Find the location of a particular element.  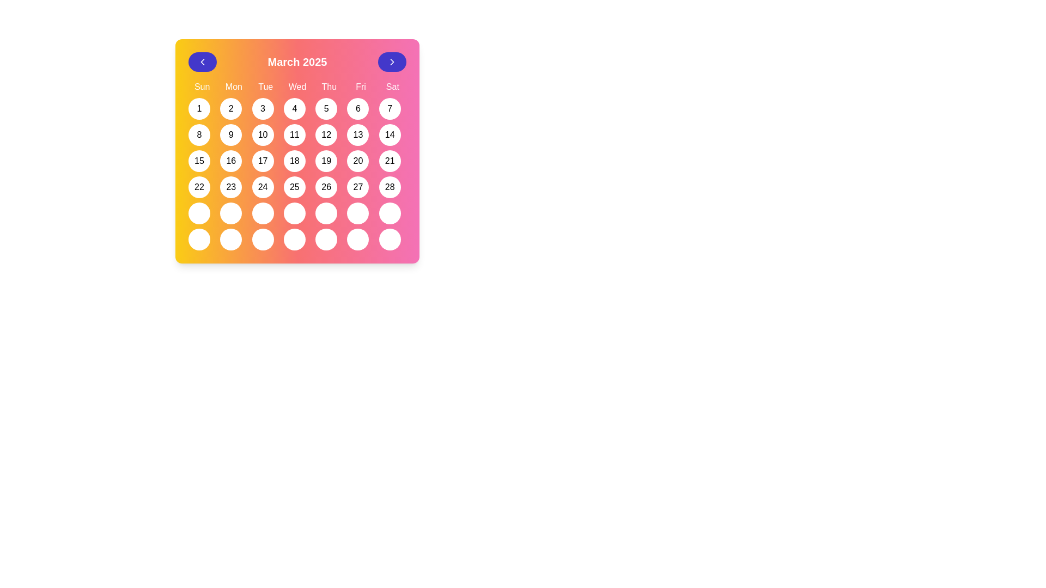

the right-facing chevron arrow icon within the blue circular navigation button located at the top right corner of the interface, adjacent to the calendar header text 'March 2025' is located at coordinates (392, 62).